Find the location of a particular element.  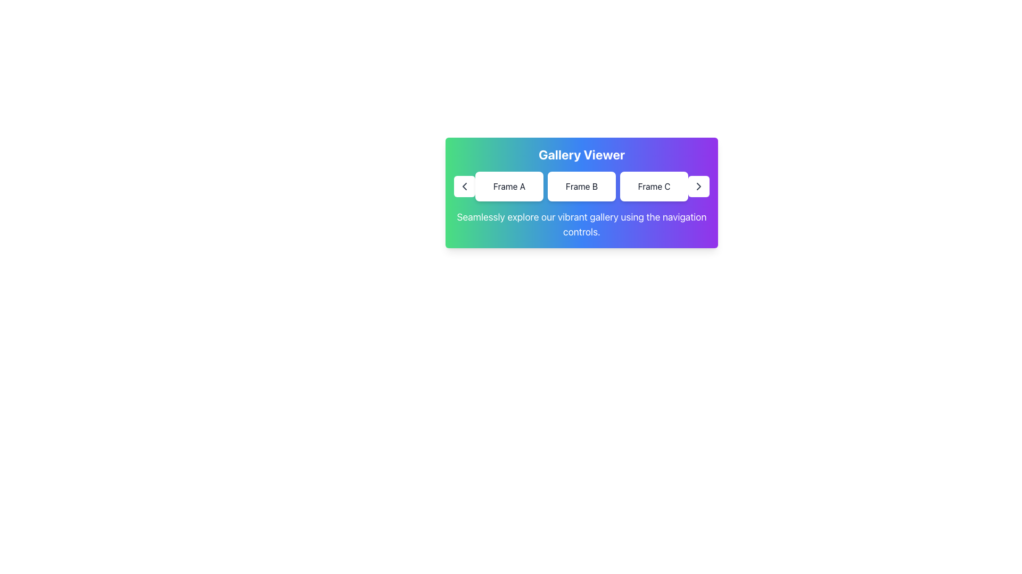

the navigation button with a white circular background and a dark rightward arrow icon is located at coordinates (699, 186).